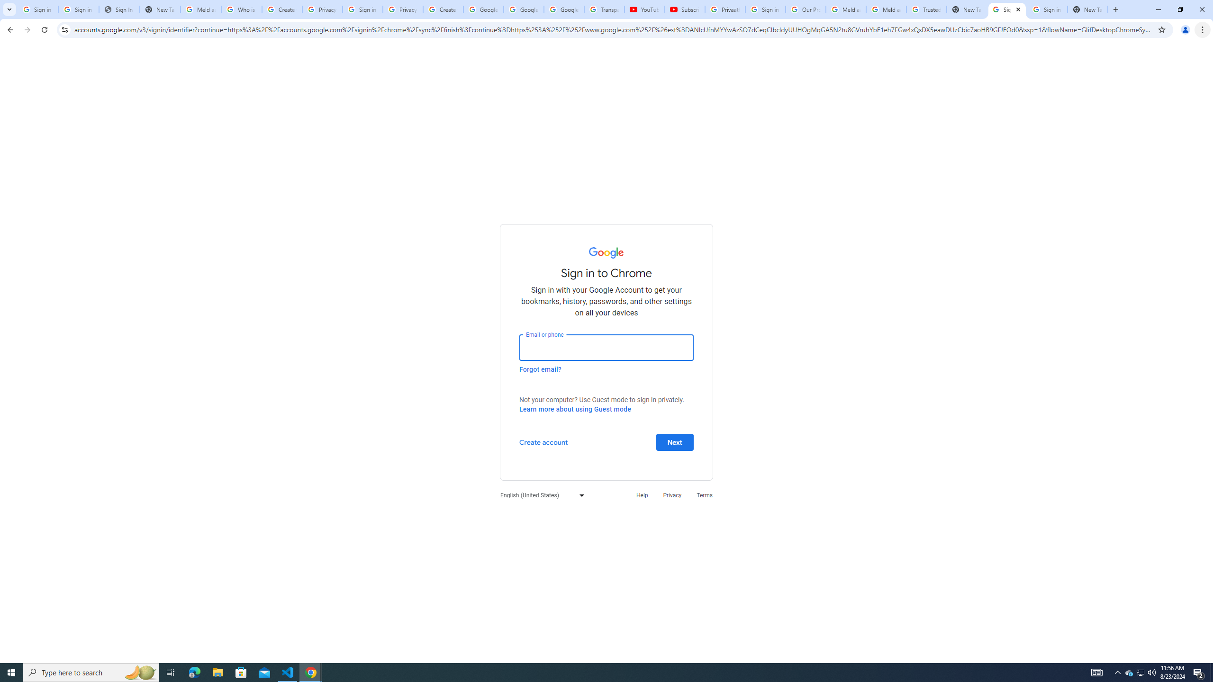  Describe the element at coordinates (119, 9) in the screenshot. I see `'Sign In - USA TODAY'` at that location.